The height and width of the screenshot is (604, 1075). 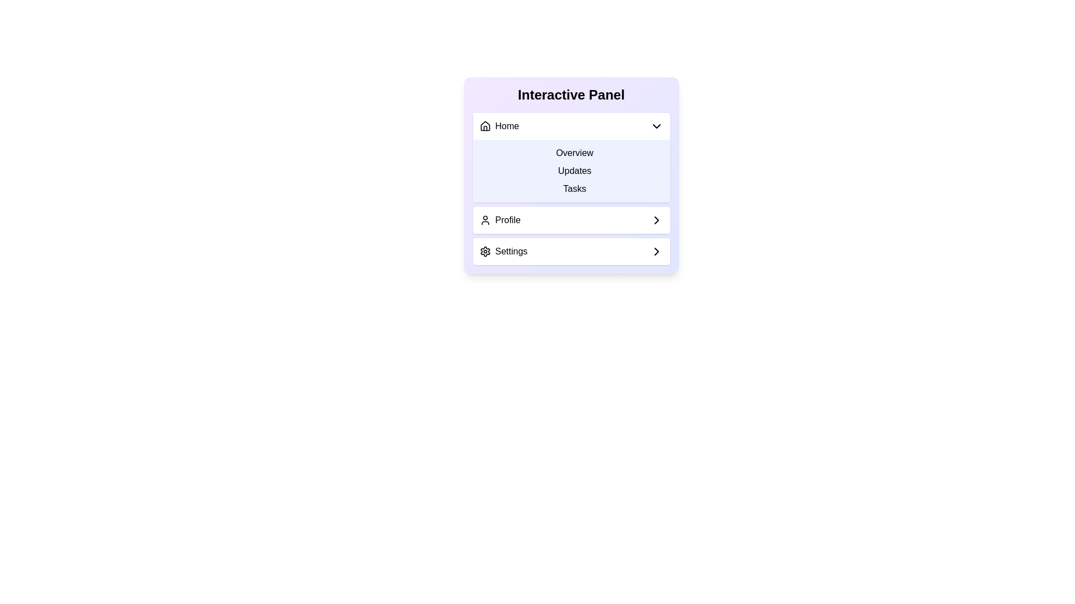 I want to click on the 'Profile' menu option item, which is the second item in the vertical list within the 'Interactive Panel', so click(x=499, y=220).